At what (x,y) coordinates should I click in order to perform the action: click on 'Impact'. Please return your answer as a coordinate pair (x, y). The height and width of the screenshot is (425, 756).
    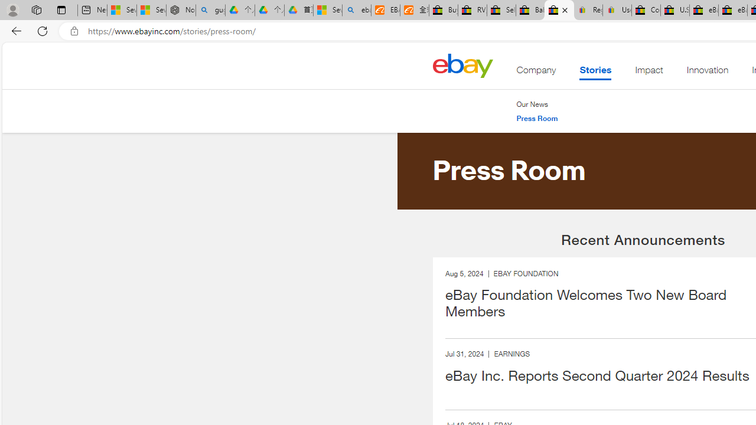
    Looking at the image, I should click on (648, 73).